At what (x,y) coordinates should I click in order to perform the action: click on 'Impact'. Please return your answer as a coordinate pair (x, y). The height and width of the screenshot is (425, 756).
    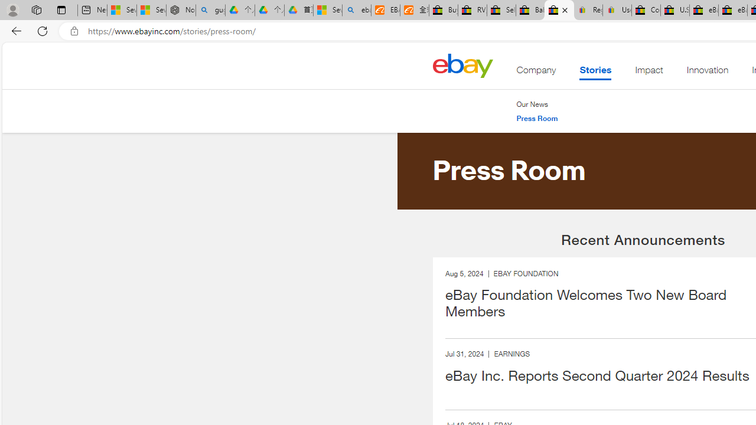
    Looking at the image, I should click on (648, 73).